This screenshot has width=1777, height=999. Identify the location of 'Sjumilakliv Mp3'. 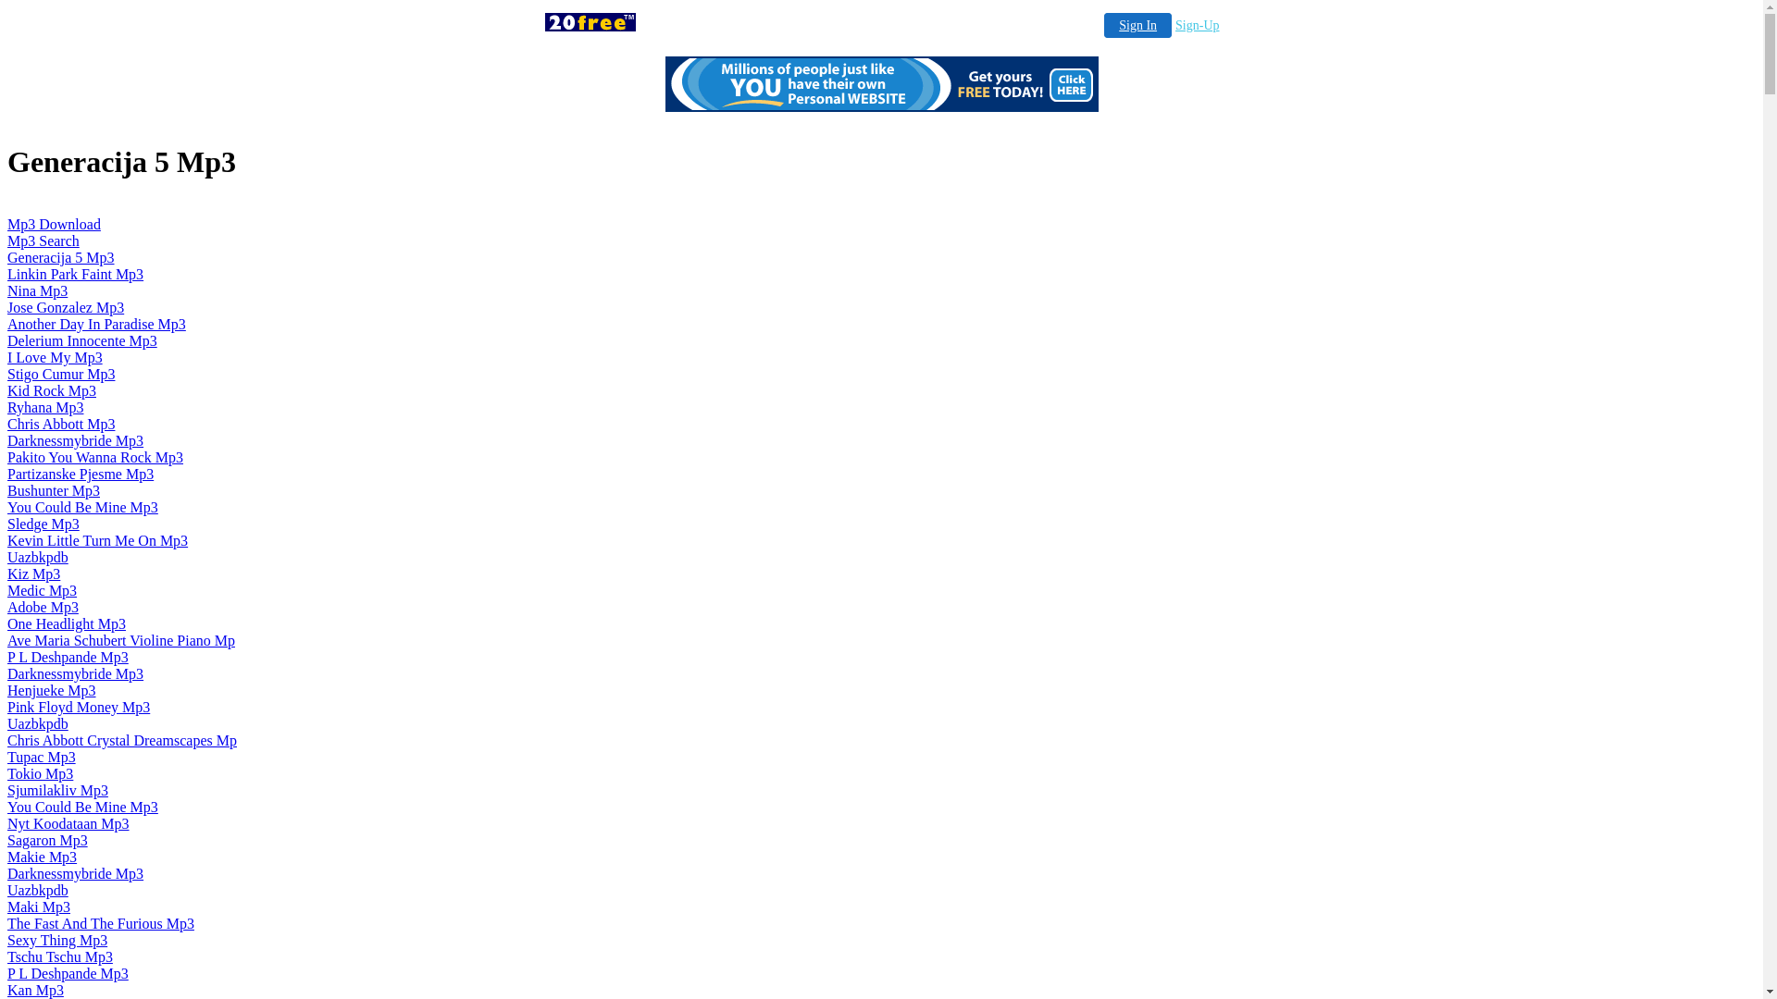
(57, 790).